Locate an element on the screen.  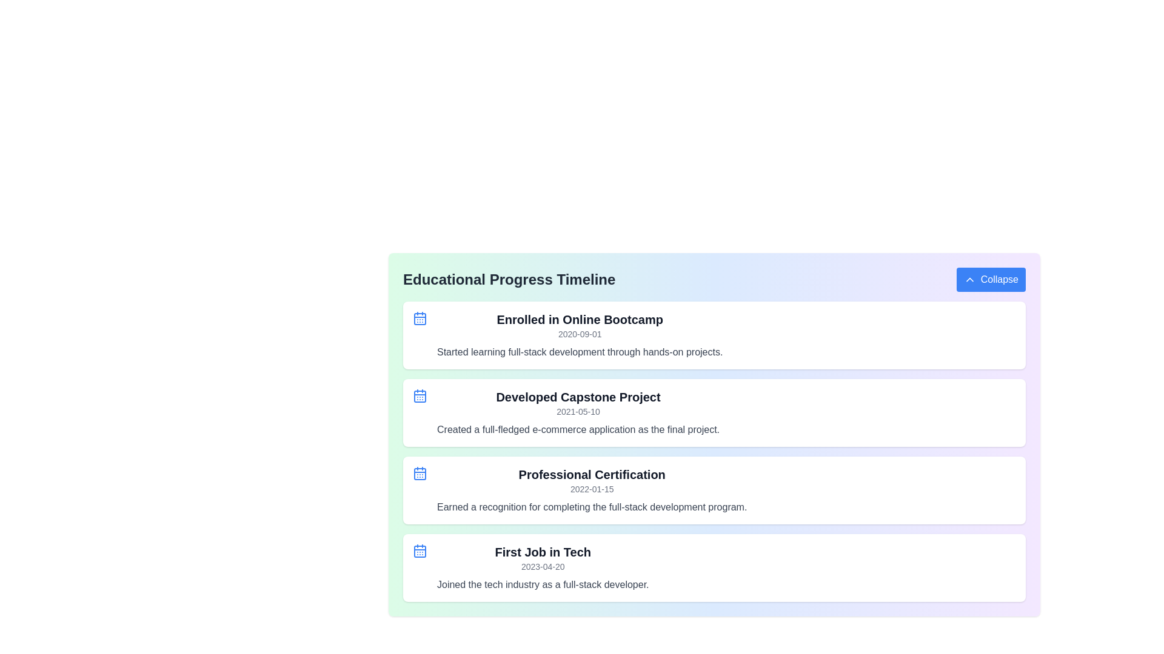
the text describing the capstone project located within the 'Developed Capstone Project' section of the Educational Progress Timeline is located at coordinates (578, 429).